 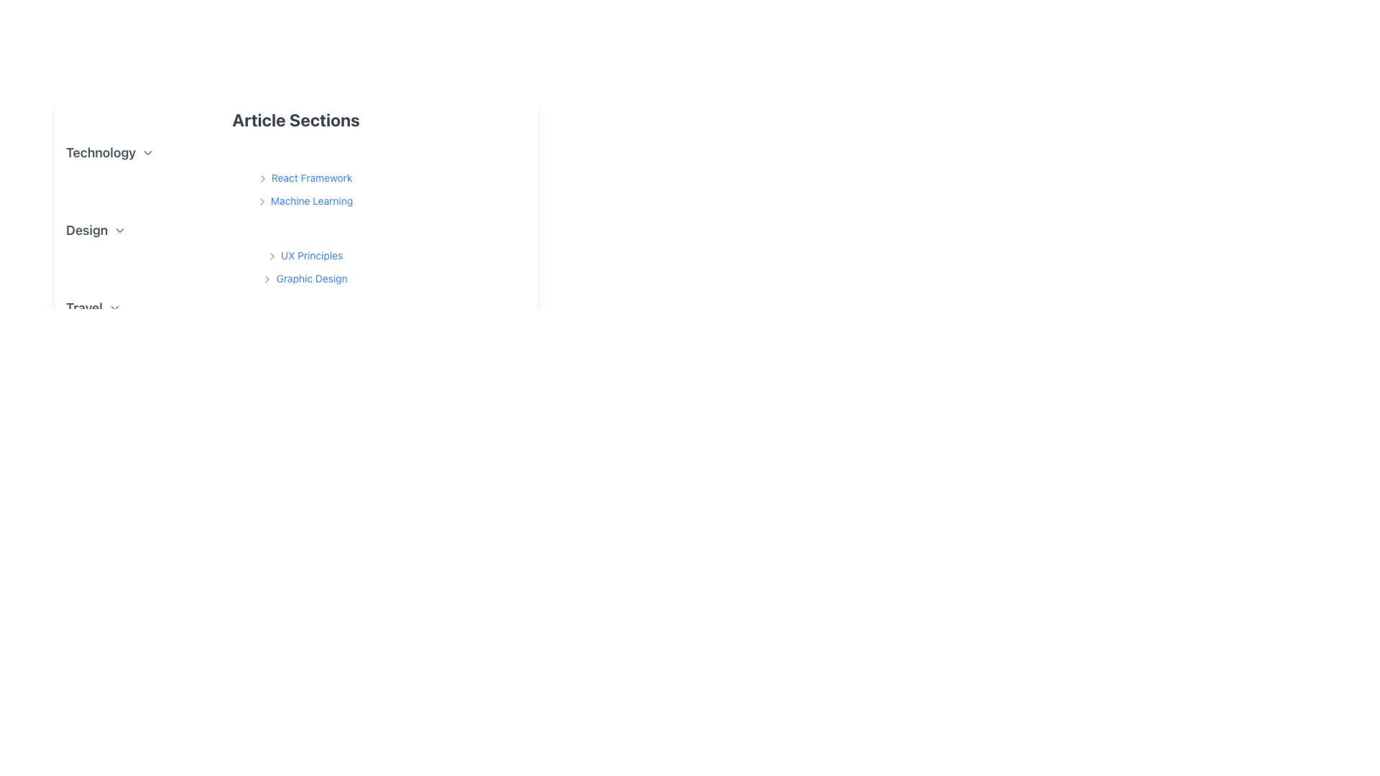 What do you see at coordinates (303, 254) in the screenshot?
I see `the hyperlink in the 'Design' section of the 'Article Sections' list` at bounding box center [303, 254].